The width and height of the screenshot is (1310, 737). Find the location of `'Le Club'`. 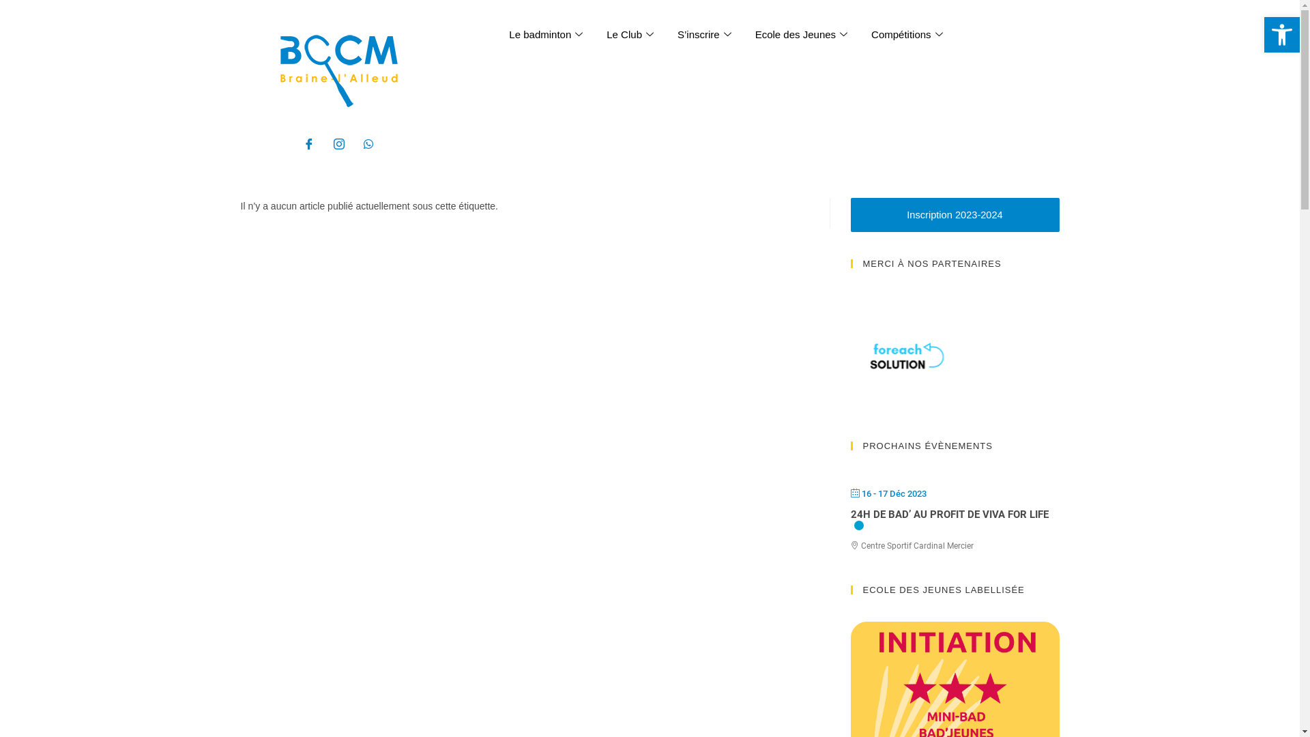

'Le Club' is located at coordinates (596, 33).